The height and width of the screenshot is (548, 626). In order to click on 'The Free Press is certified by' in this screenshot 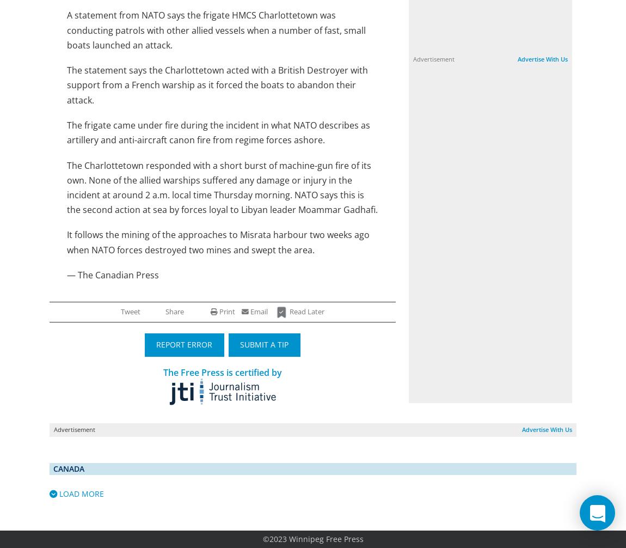, I will do `click(222, 372)`.